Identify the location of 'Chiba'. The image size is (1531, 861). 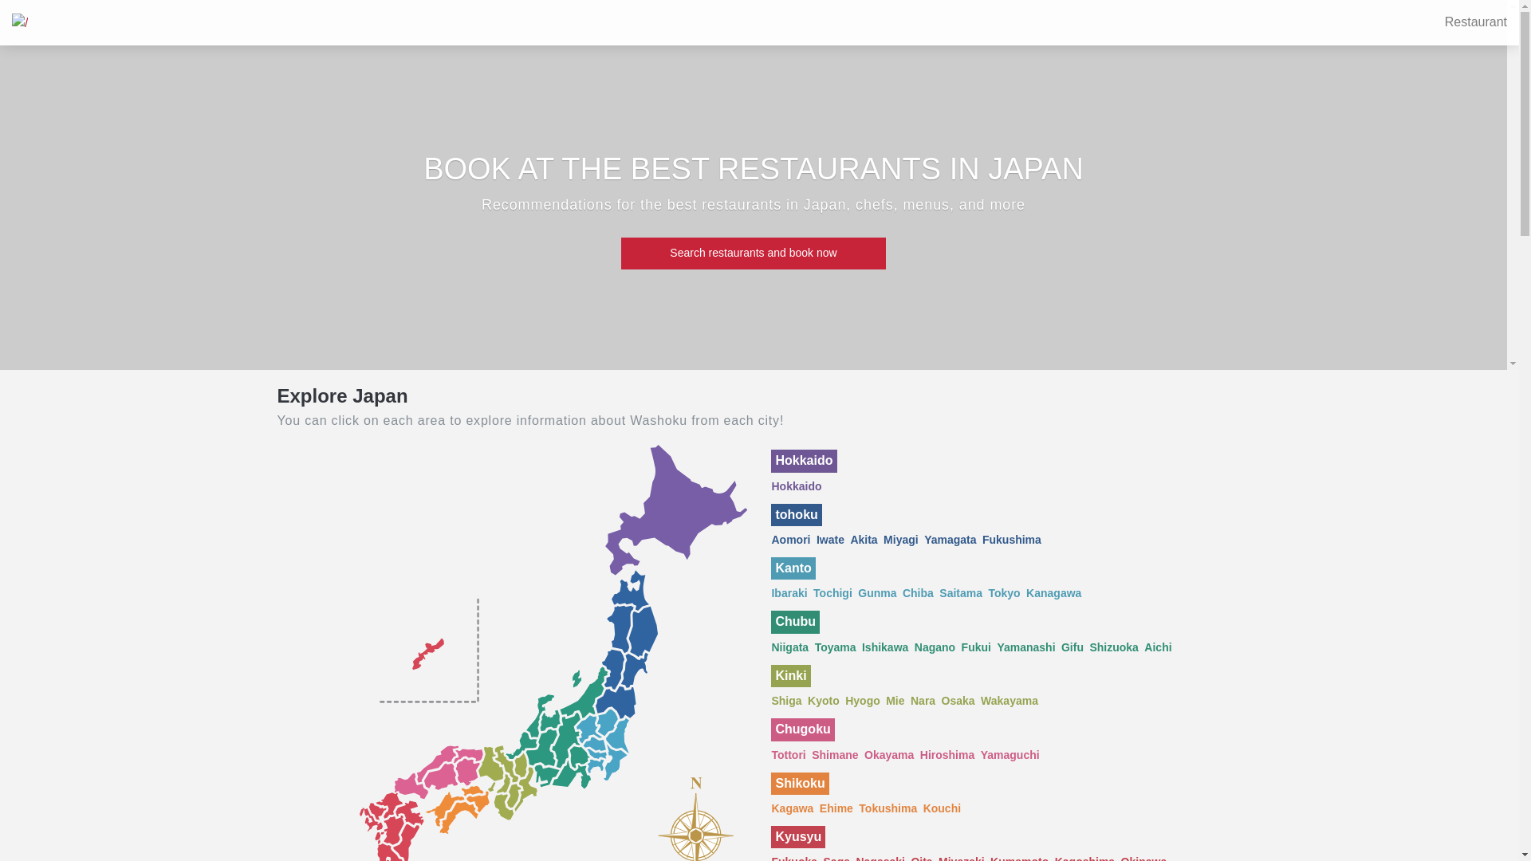
(918, 593).